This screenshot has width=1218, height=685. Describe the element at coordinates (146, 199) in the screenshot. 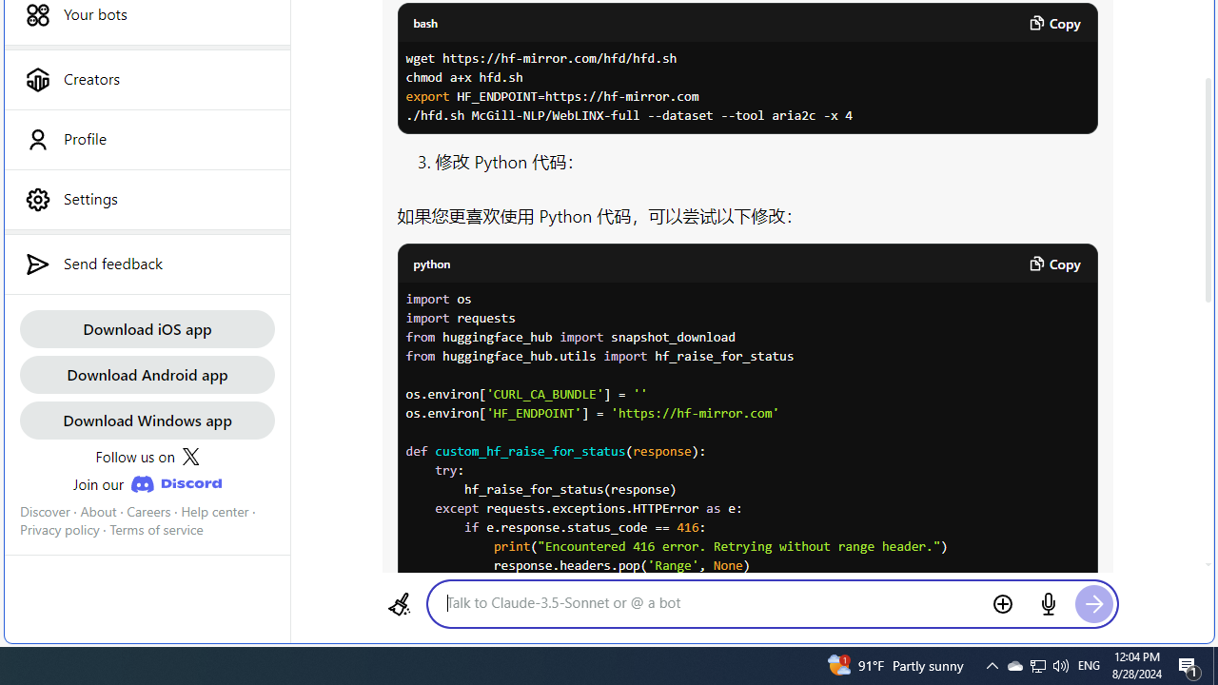

I see `'Settings'` at that location.